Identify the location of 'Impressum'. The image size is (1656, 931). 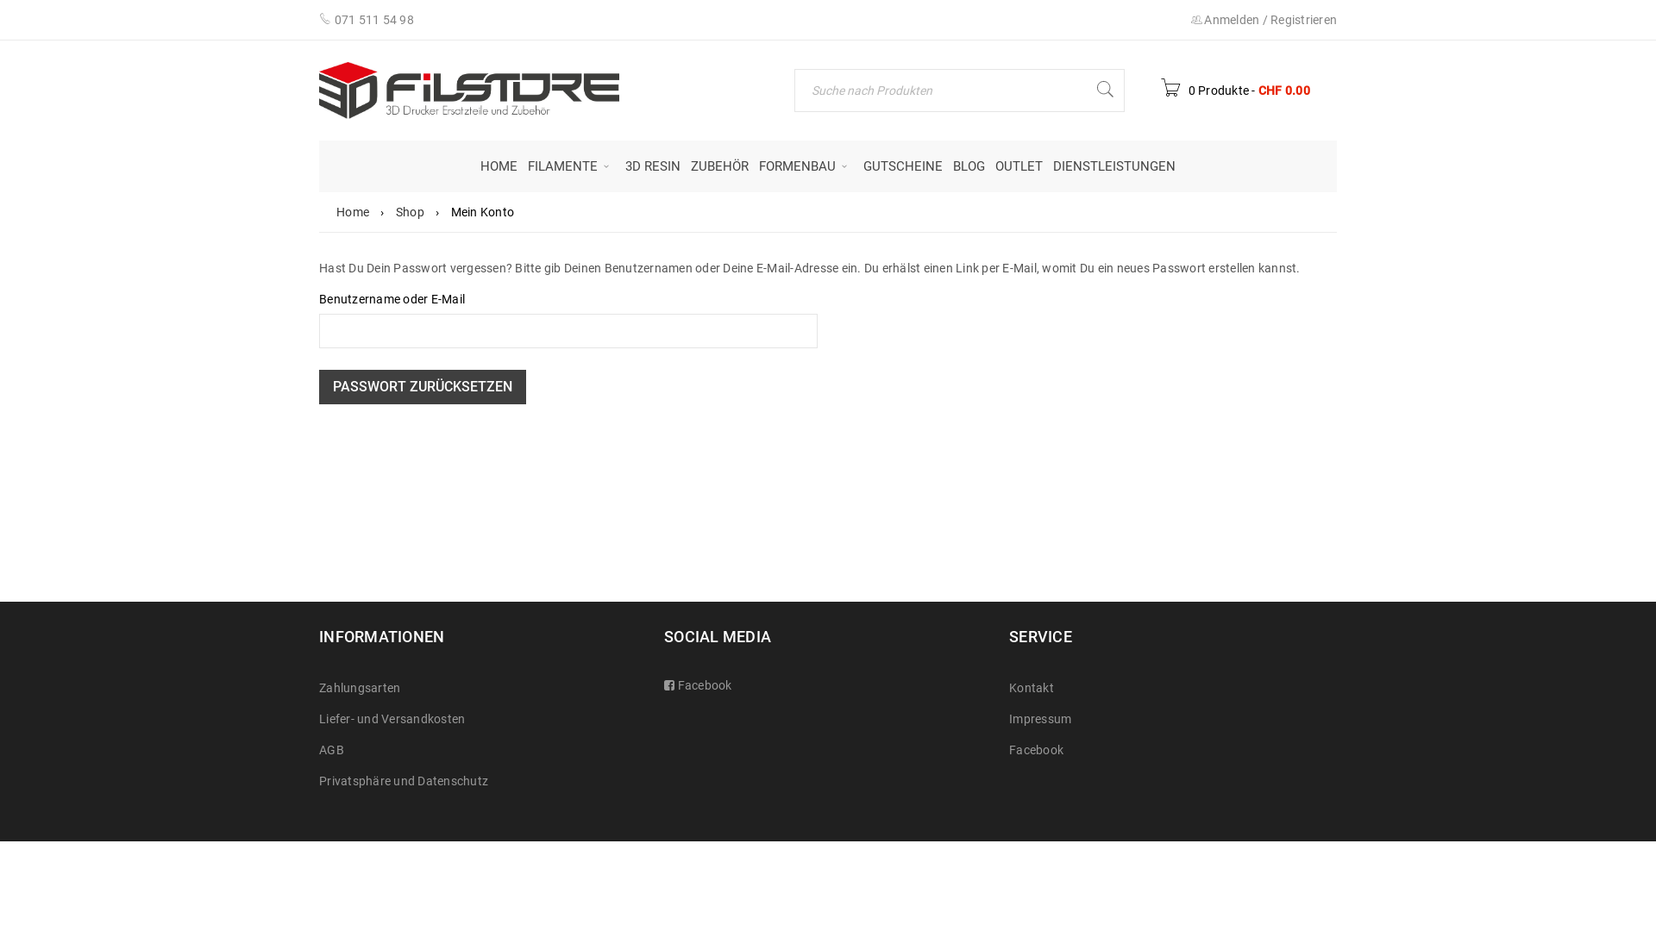
(1038, 718).